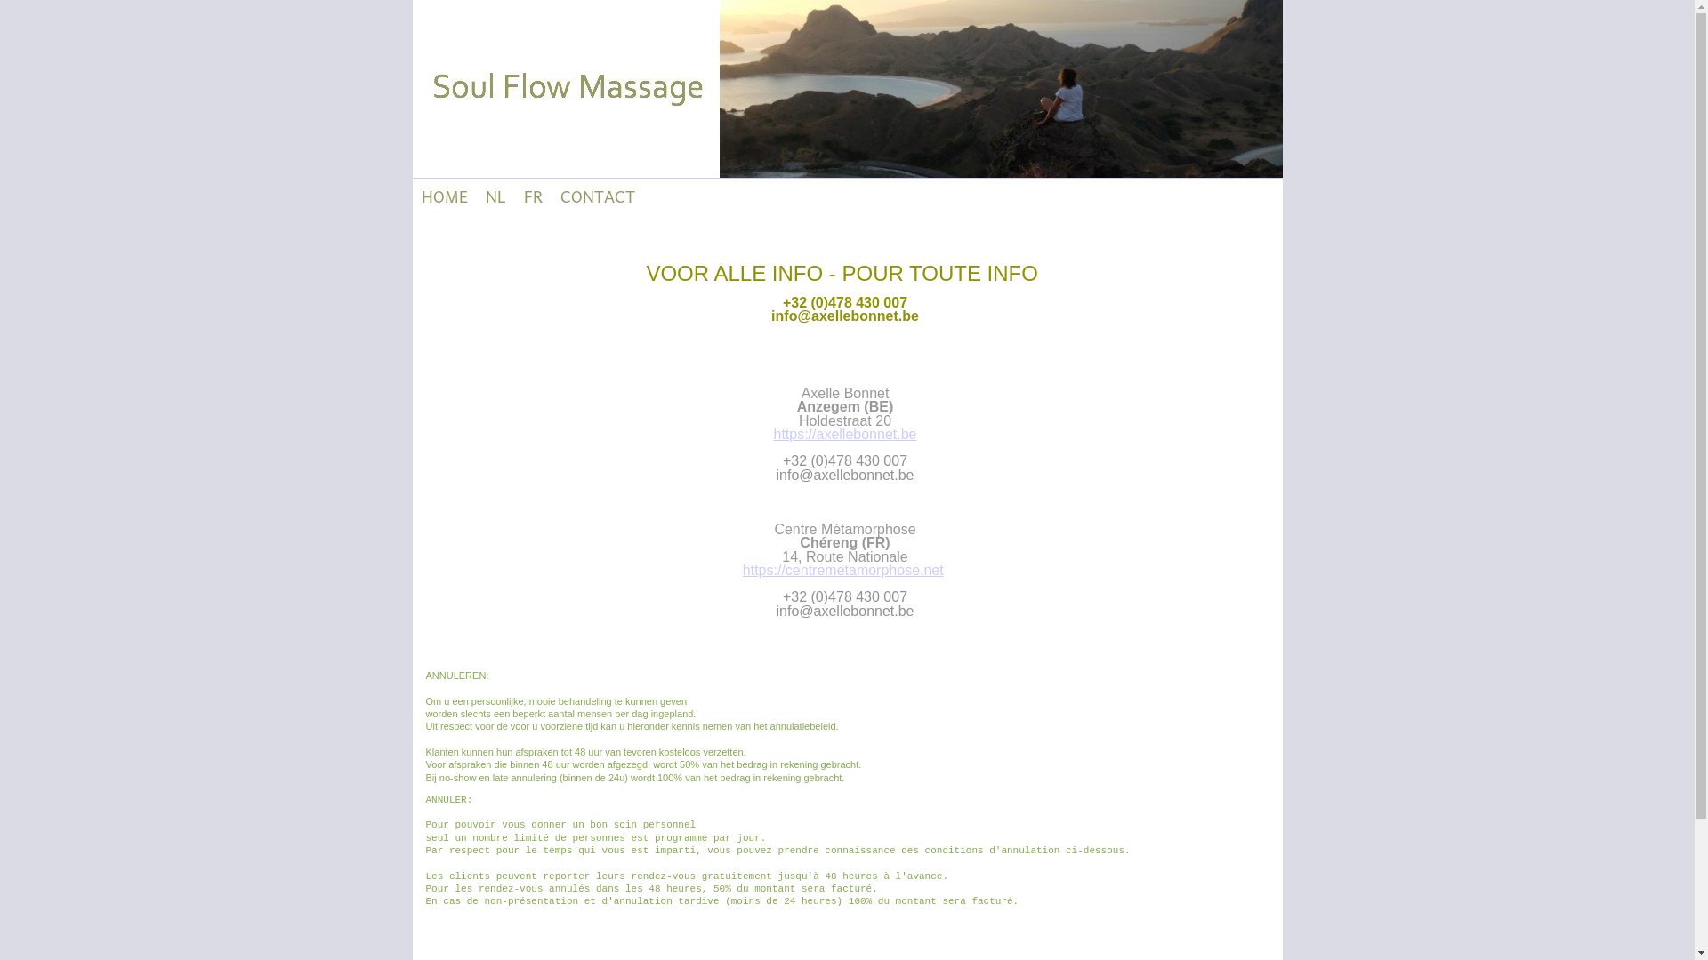 The width and height of the screenshot is (1708, 960). What do you see at coordinates (495, 196) in the screenshot?
I see `'NL'` at bounding box center [495, 196].